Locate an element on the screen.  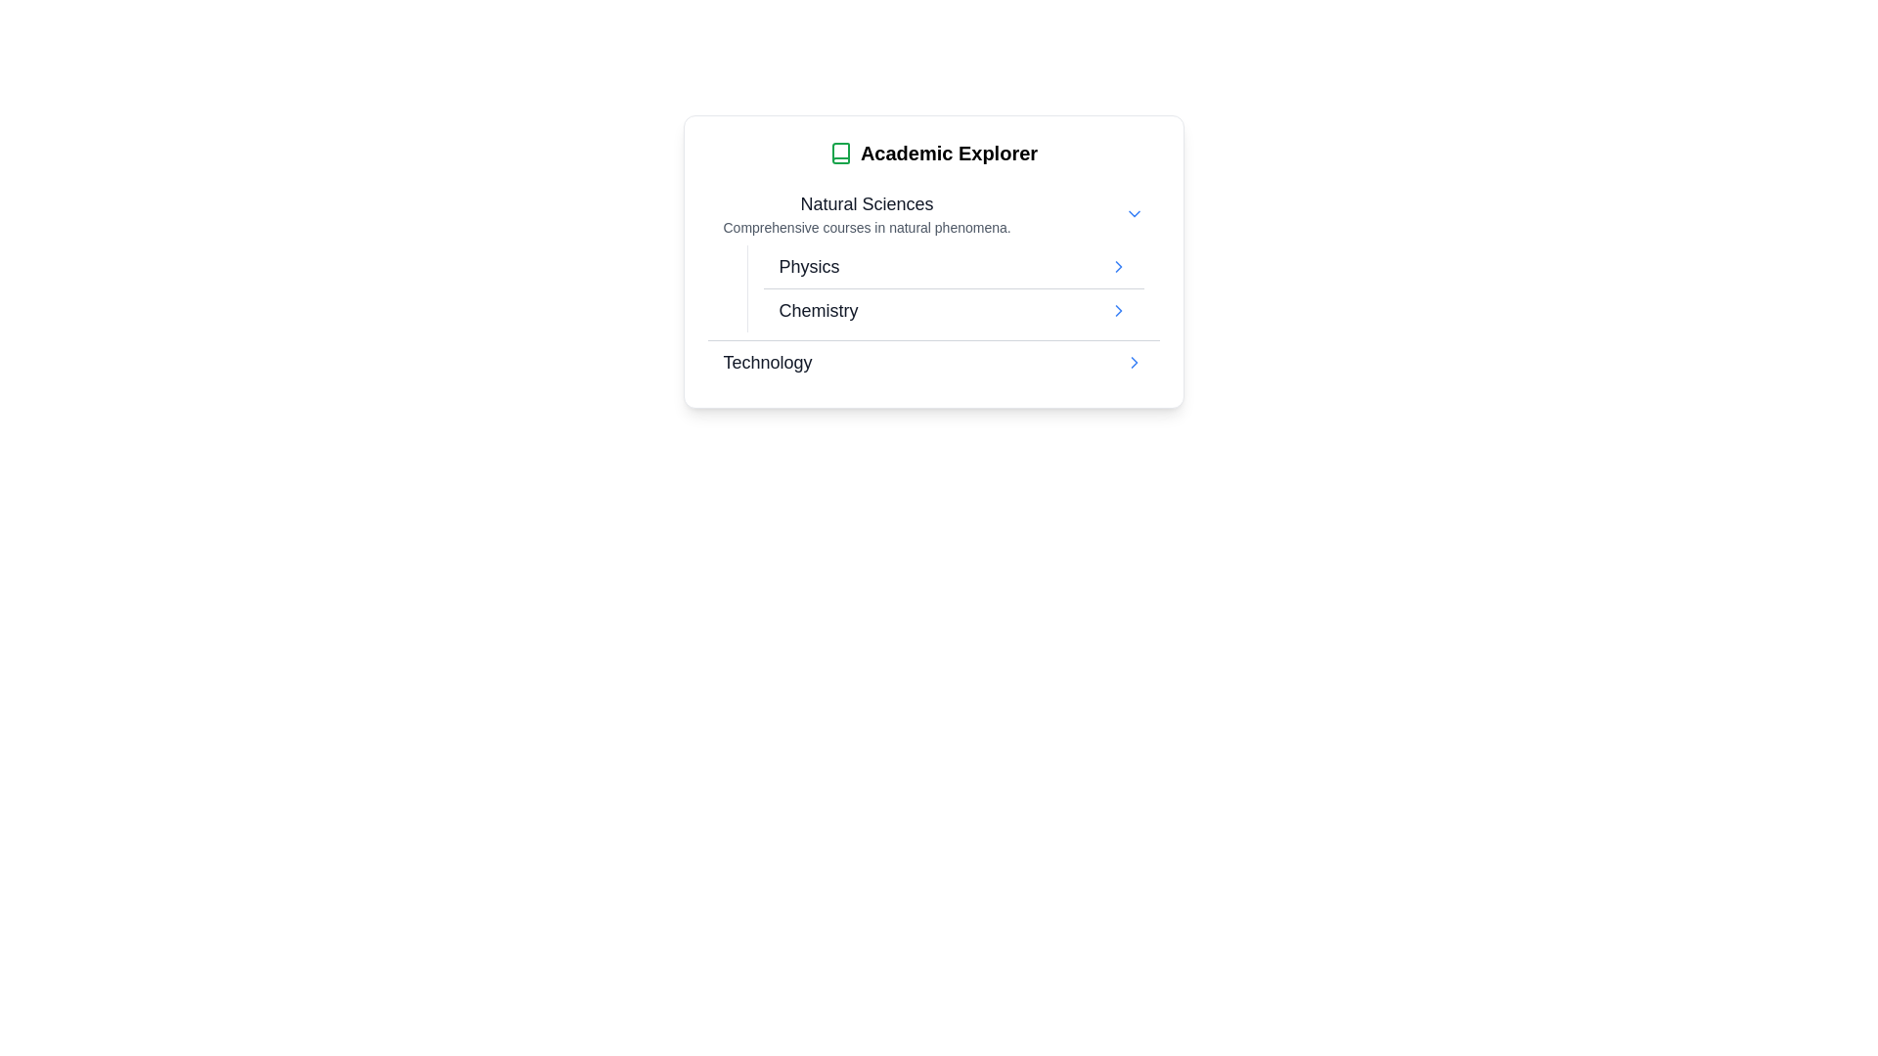
the 'Physics' selectable list item, which is the first item in the 'Natural Sciences' section of the 'Academic Explorer' interface is located at coordinates (953, 267).